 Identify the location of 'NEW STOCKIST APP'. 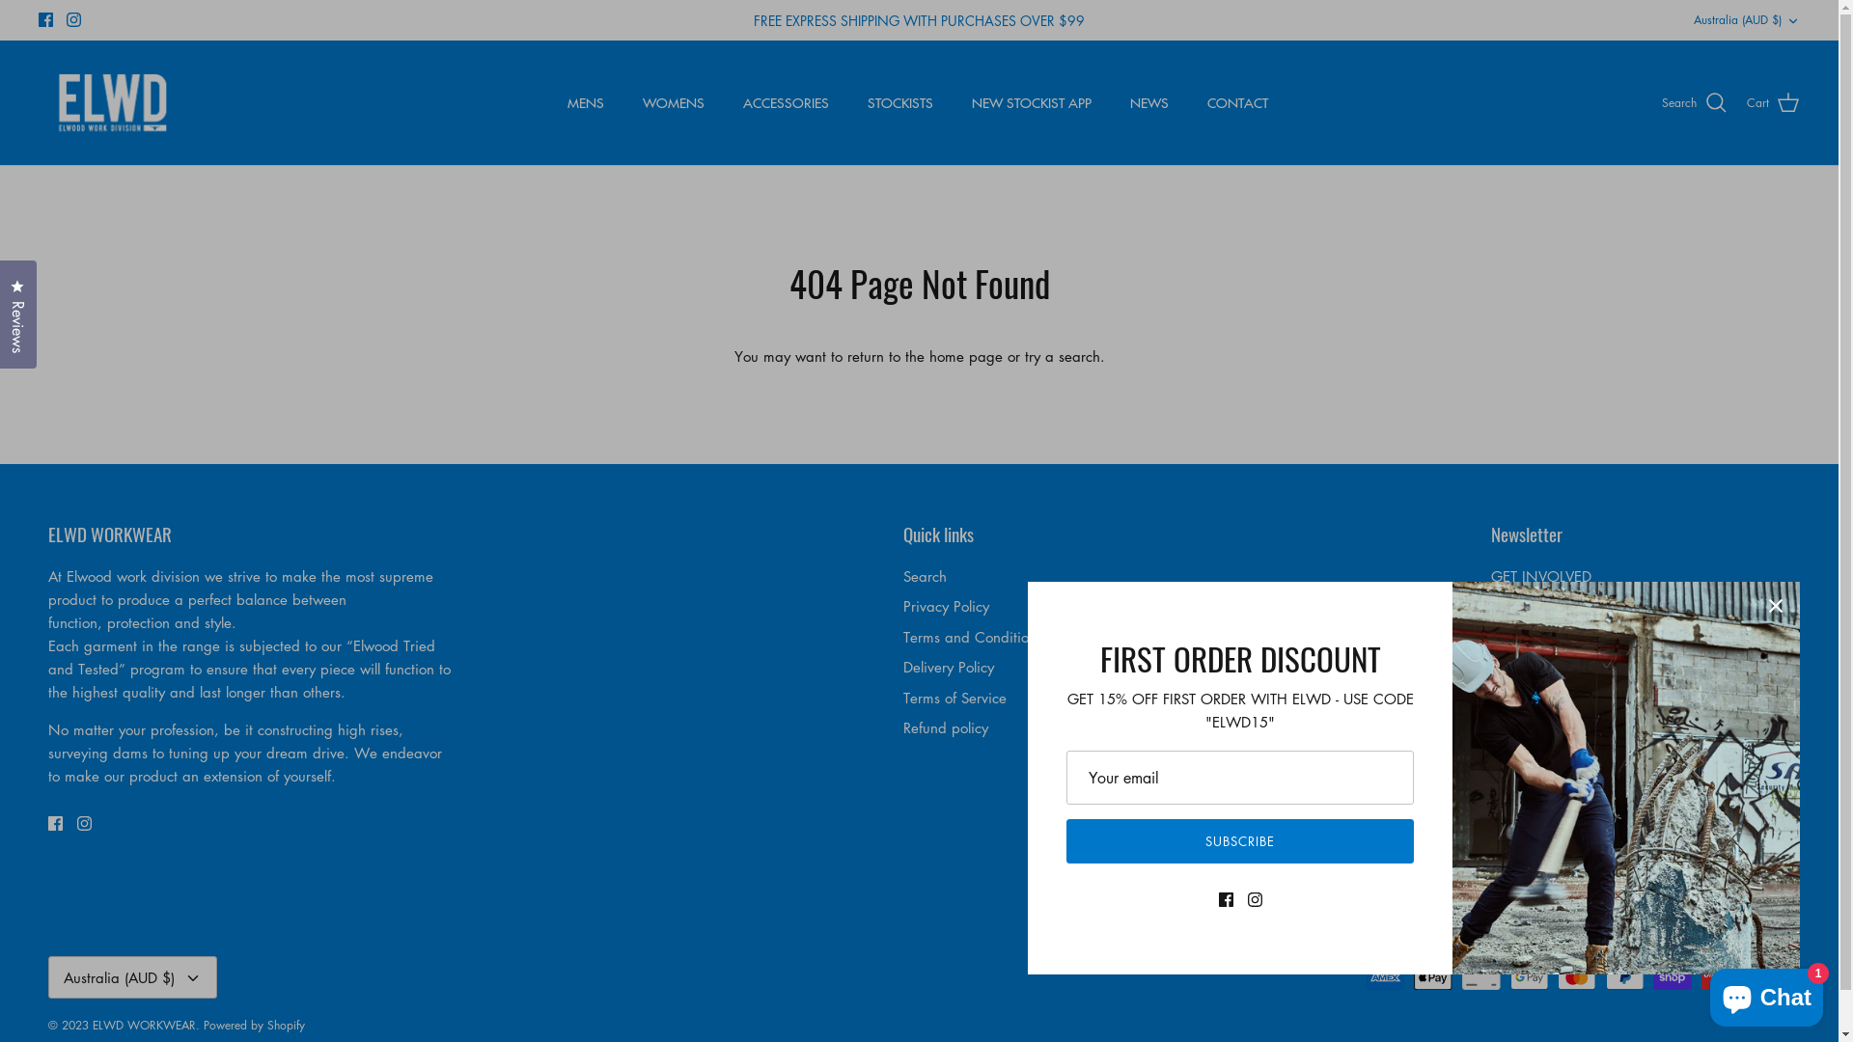
(954, 102).